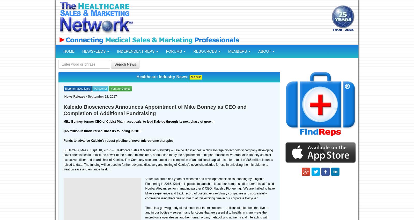 This screenshot has width=414, height=220. I want to click on 'ABOUT', so click(265, 51).